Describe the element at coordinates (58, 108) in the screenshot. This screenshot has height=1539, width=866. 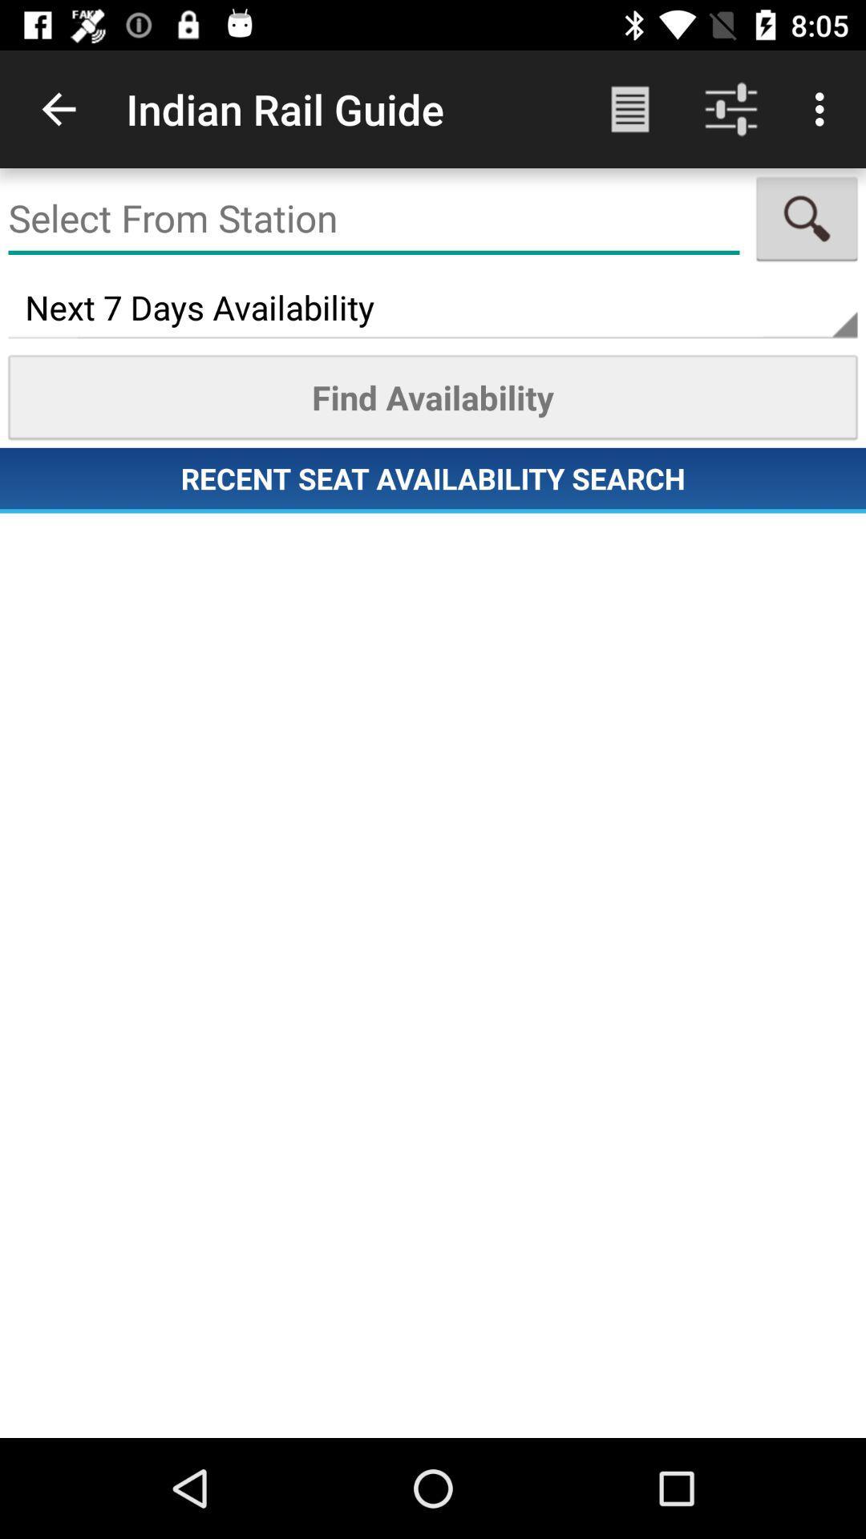
I see `icon next to indian rail guide app` at that location.